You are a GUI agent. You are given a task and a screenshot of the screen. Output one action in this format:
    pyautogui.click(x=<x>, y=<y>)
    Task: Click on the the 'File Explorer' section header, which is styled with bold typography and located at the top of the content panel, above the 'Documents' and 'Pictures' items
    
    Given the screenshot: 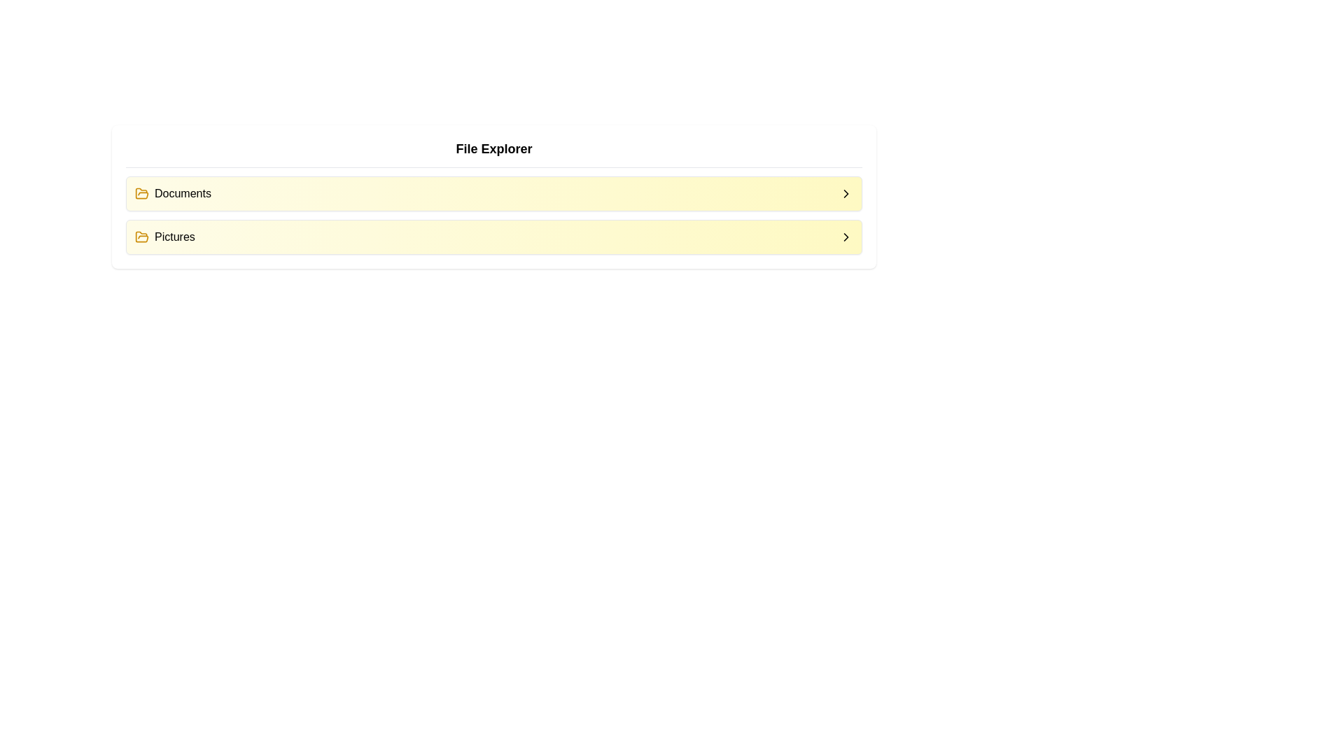 What is the action you would take?
    pyautogui.click(x=493, y=153)
    